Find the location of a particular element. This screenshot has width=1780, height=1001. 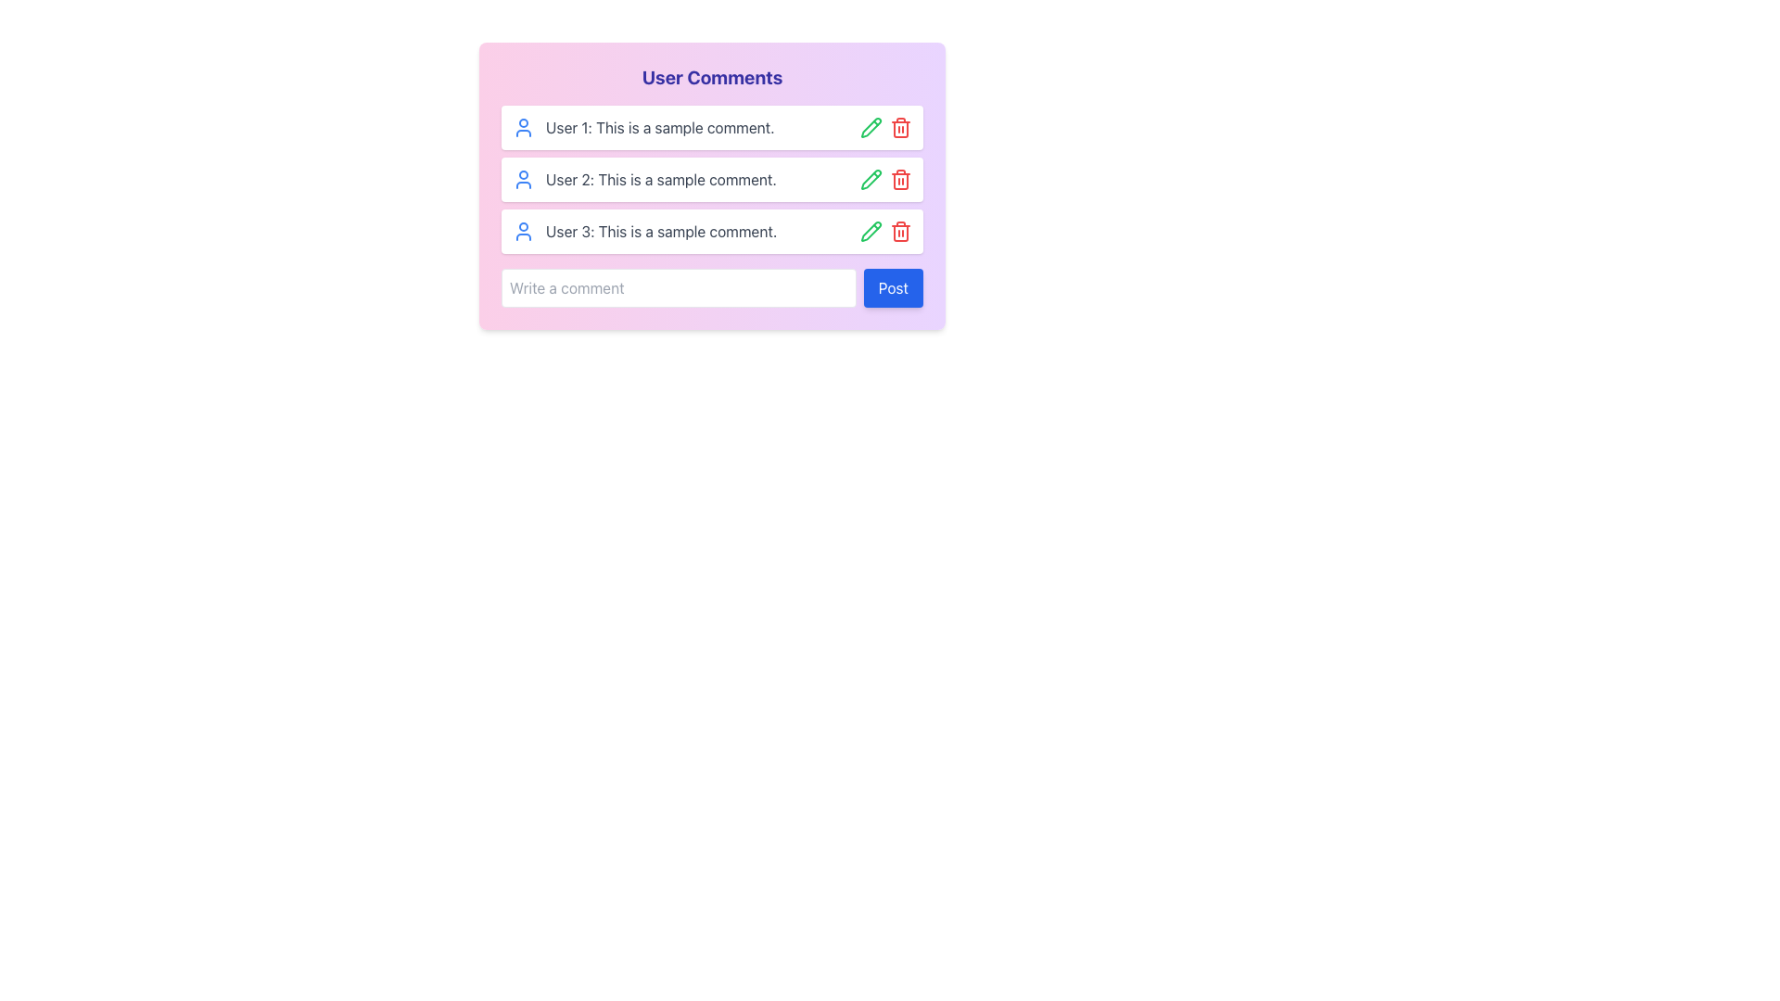

the edit button icon located in the second column of icons next to the second comment line is located at coordinates (871, 231).